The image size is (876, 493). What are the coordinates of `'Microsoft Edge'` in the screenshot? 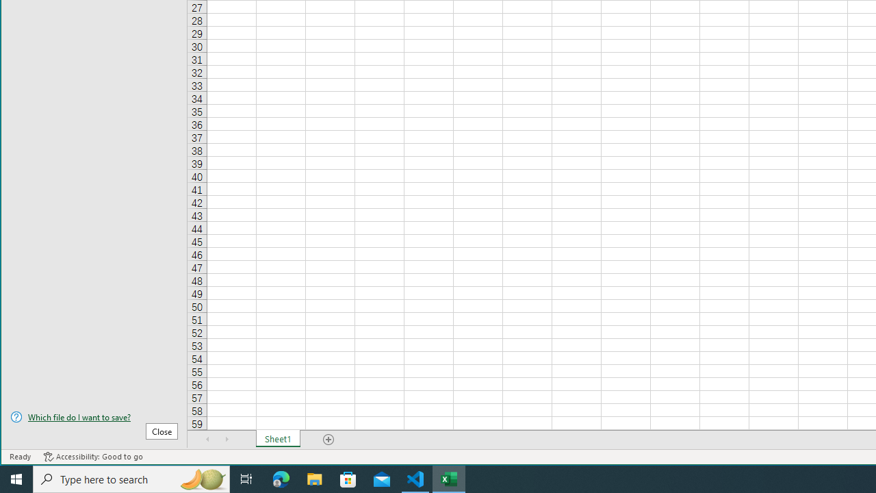 It's located at (281, 478).